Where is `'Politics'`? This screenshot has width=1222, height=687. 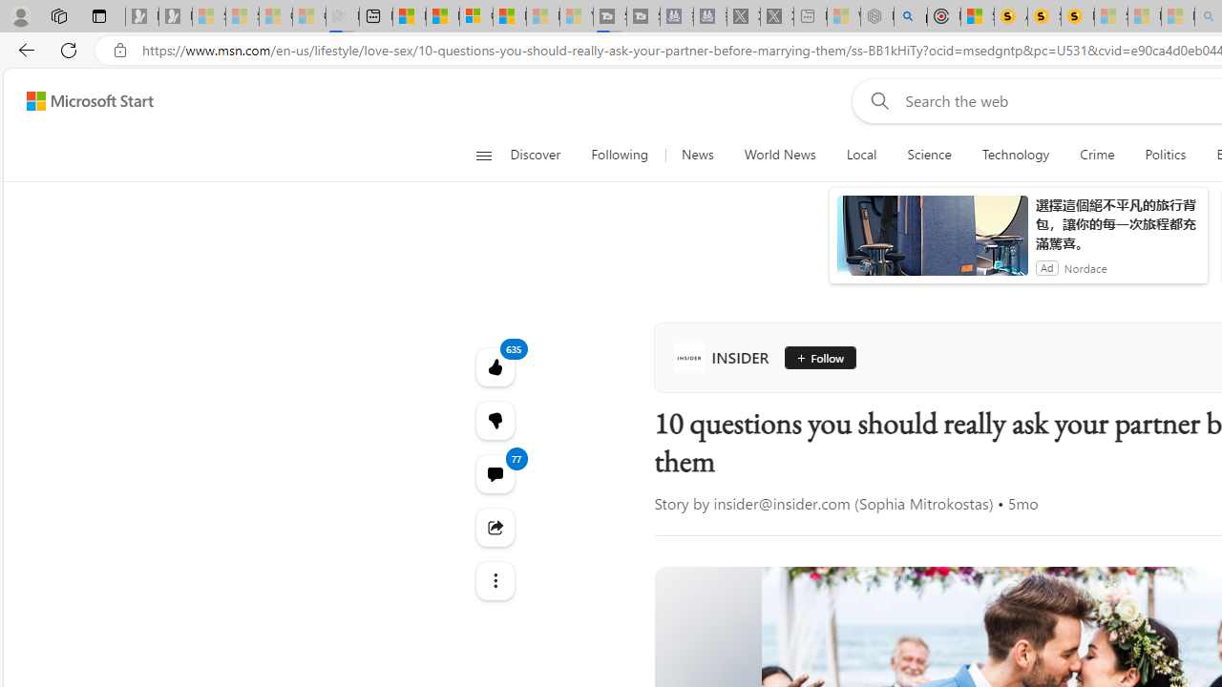 'Politics' is located at coordinates (1165, 155).